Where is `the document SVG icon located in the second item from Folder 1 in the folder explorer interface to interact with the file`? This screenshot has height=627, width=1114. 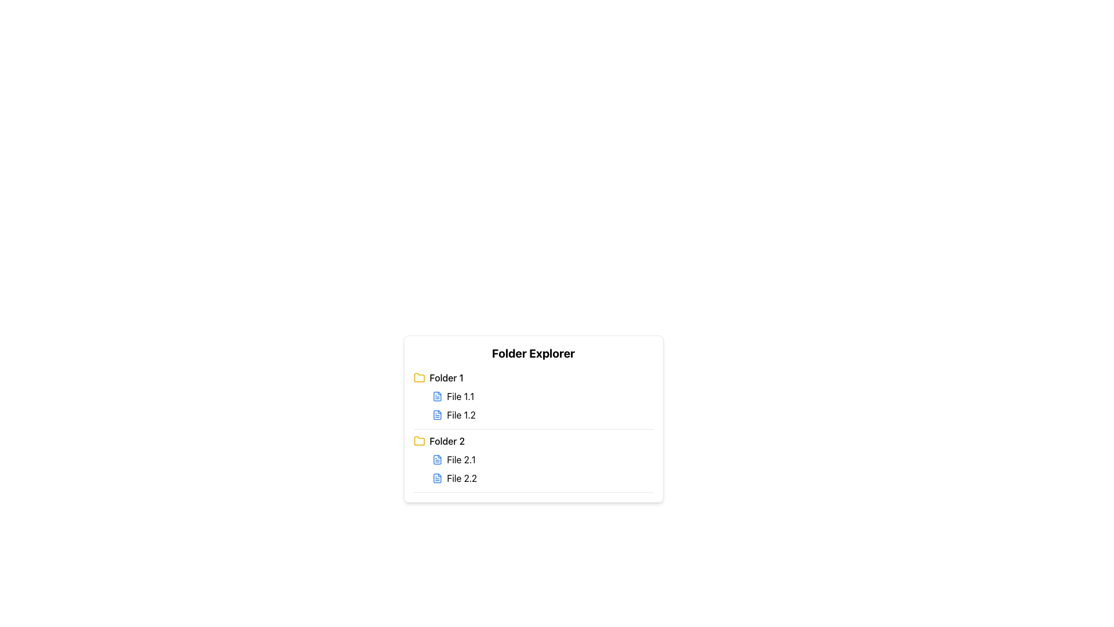 the document SVG icon located in the second item from Folder 1 in the folder explorer interface to interact with the file is located at coordinates (436, 414).